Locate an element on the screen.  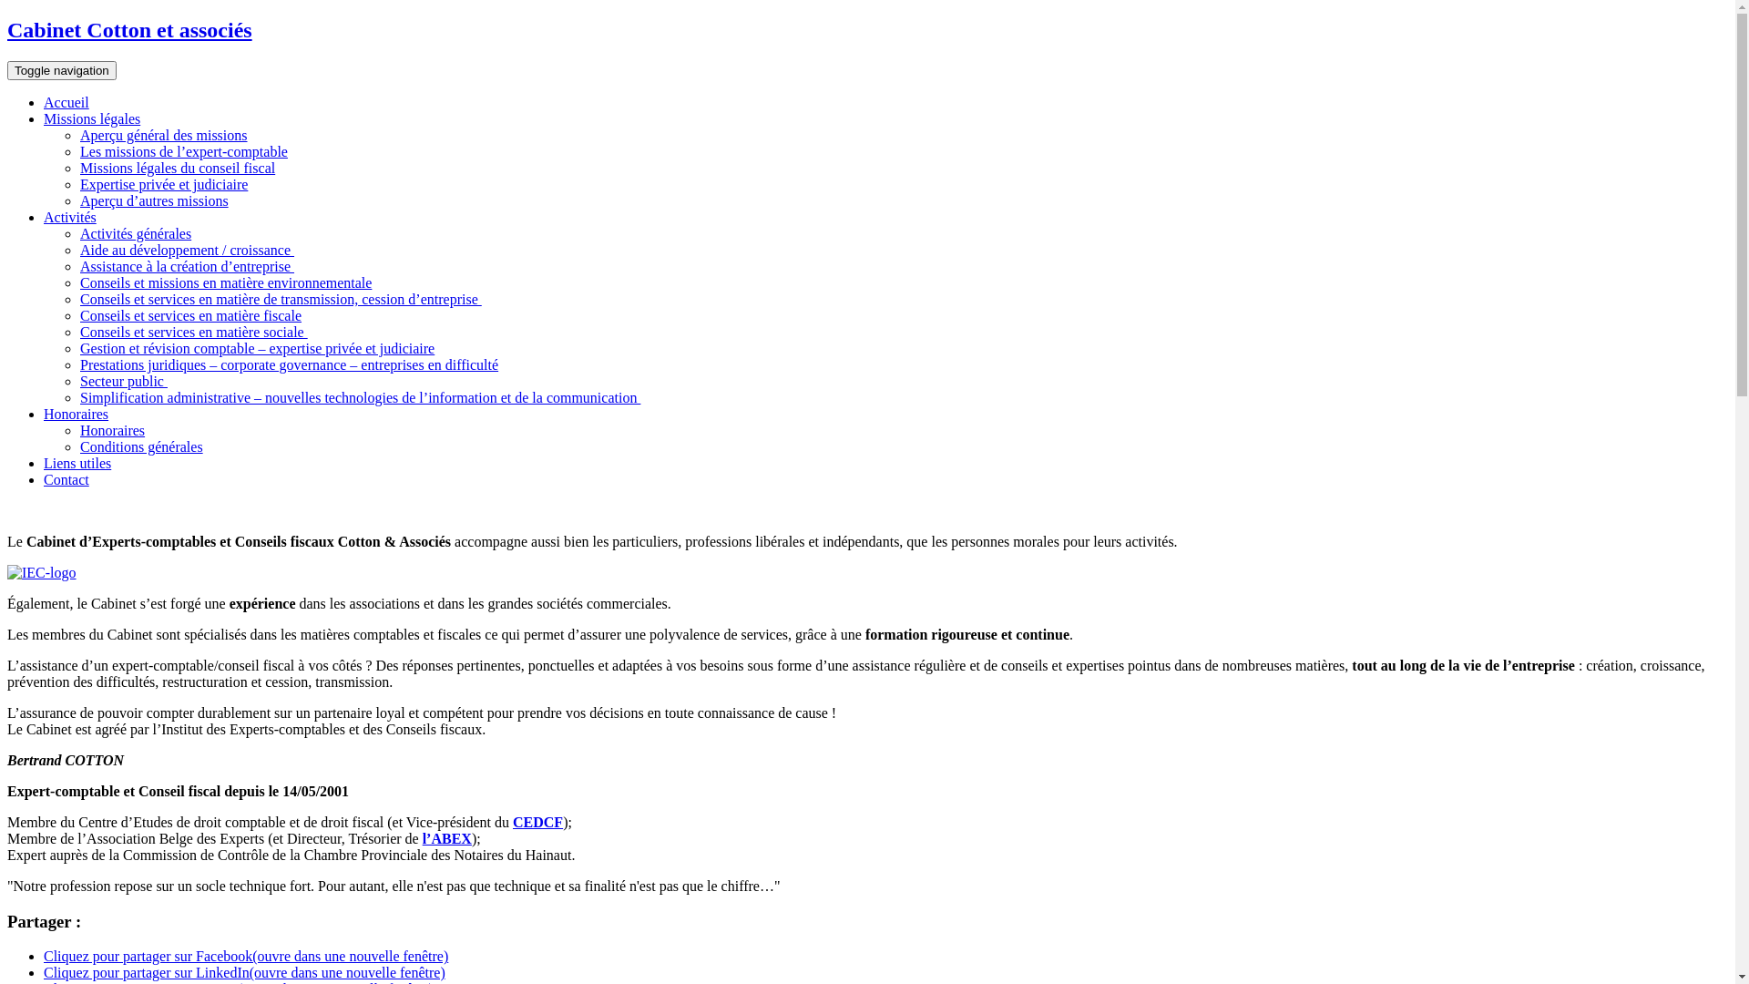
'Accueil' is located at coordinates (66, 102).